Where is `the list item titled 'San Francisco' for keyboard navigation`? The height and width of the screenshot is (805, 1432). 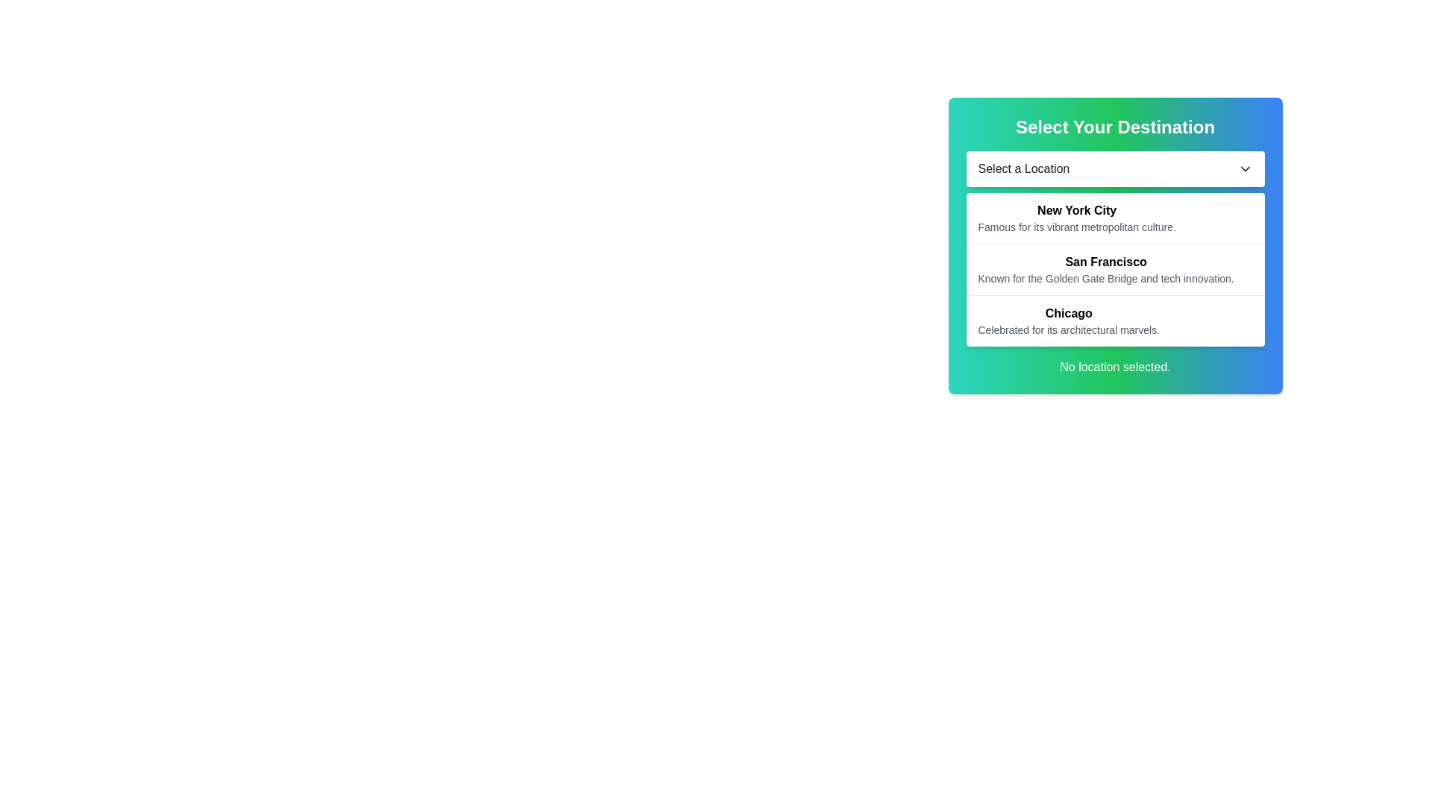
the list item titled 'San Francisco' for keyboard navigation is located at coordinates (1115, 269).